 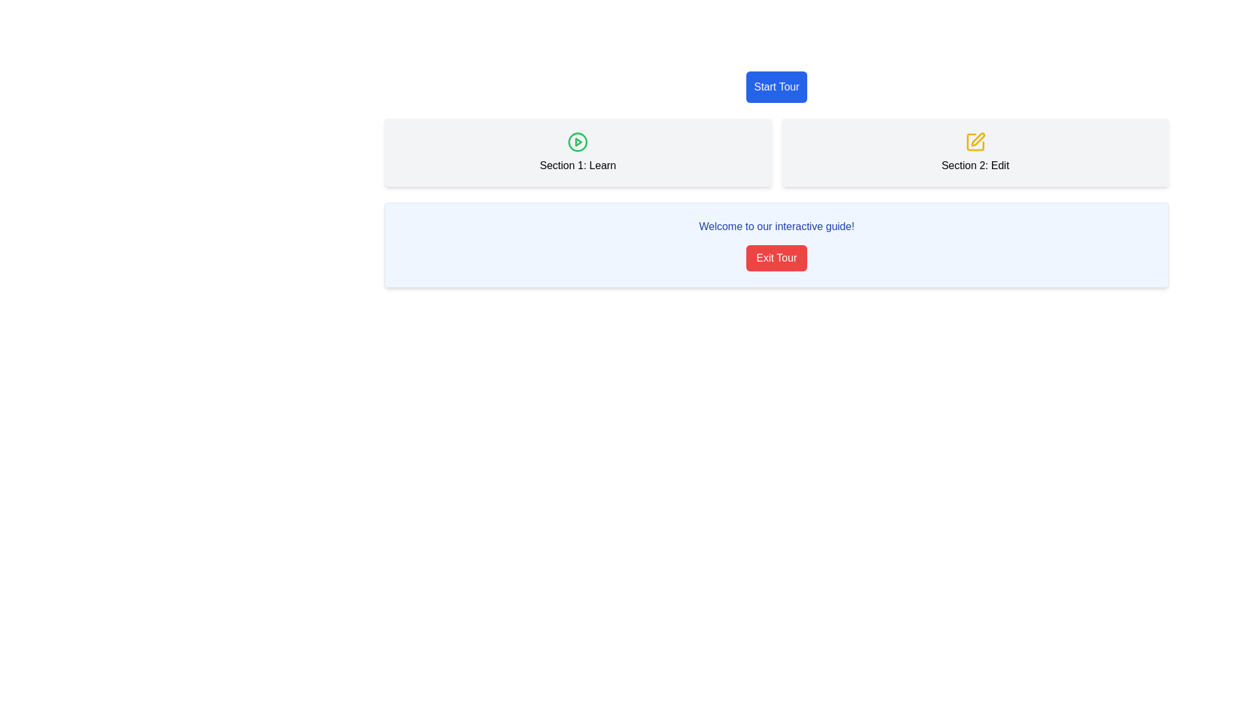 I want to click on the Static Text element that serves as a greeting or introductory message, located in the center of a bordered and rounded rectangular panel below 'Section 1: Learn' and 'Section 2: Edit', and above the 'Exit Tour' button, so click(x=776, y=226).